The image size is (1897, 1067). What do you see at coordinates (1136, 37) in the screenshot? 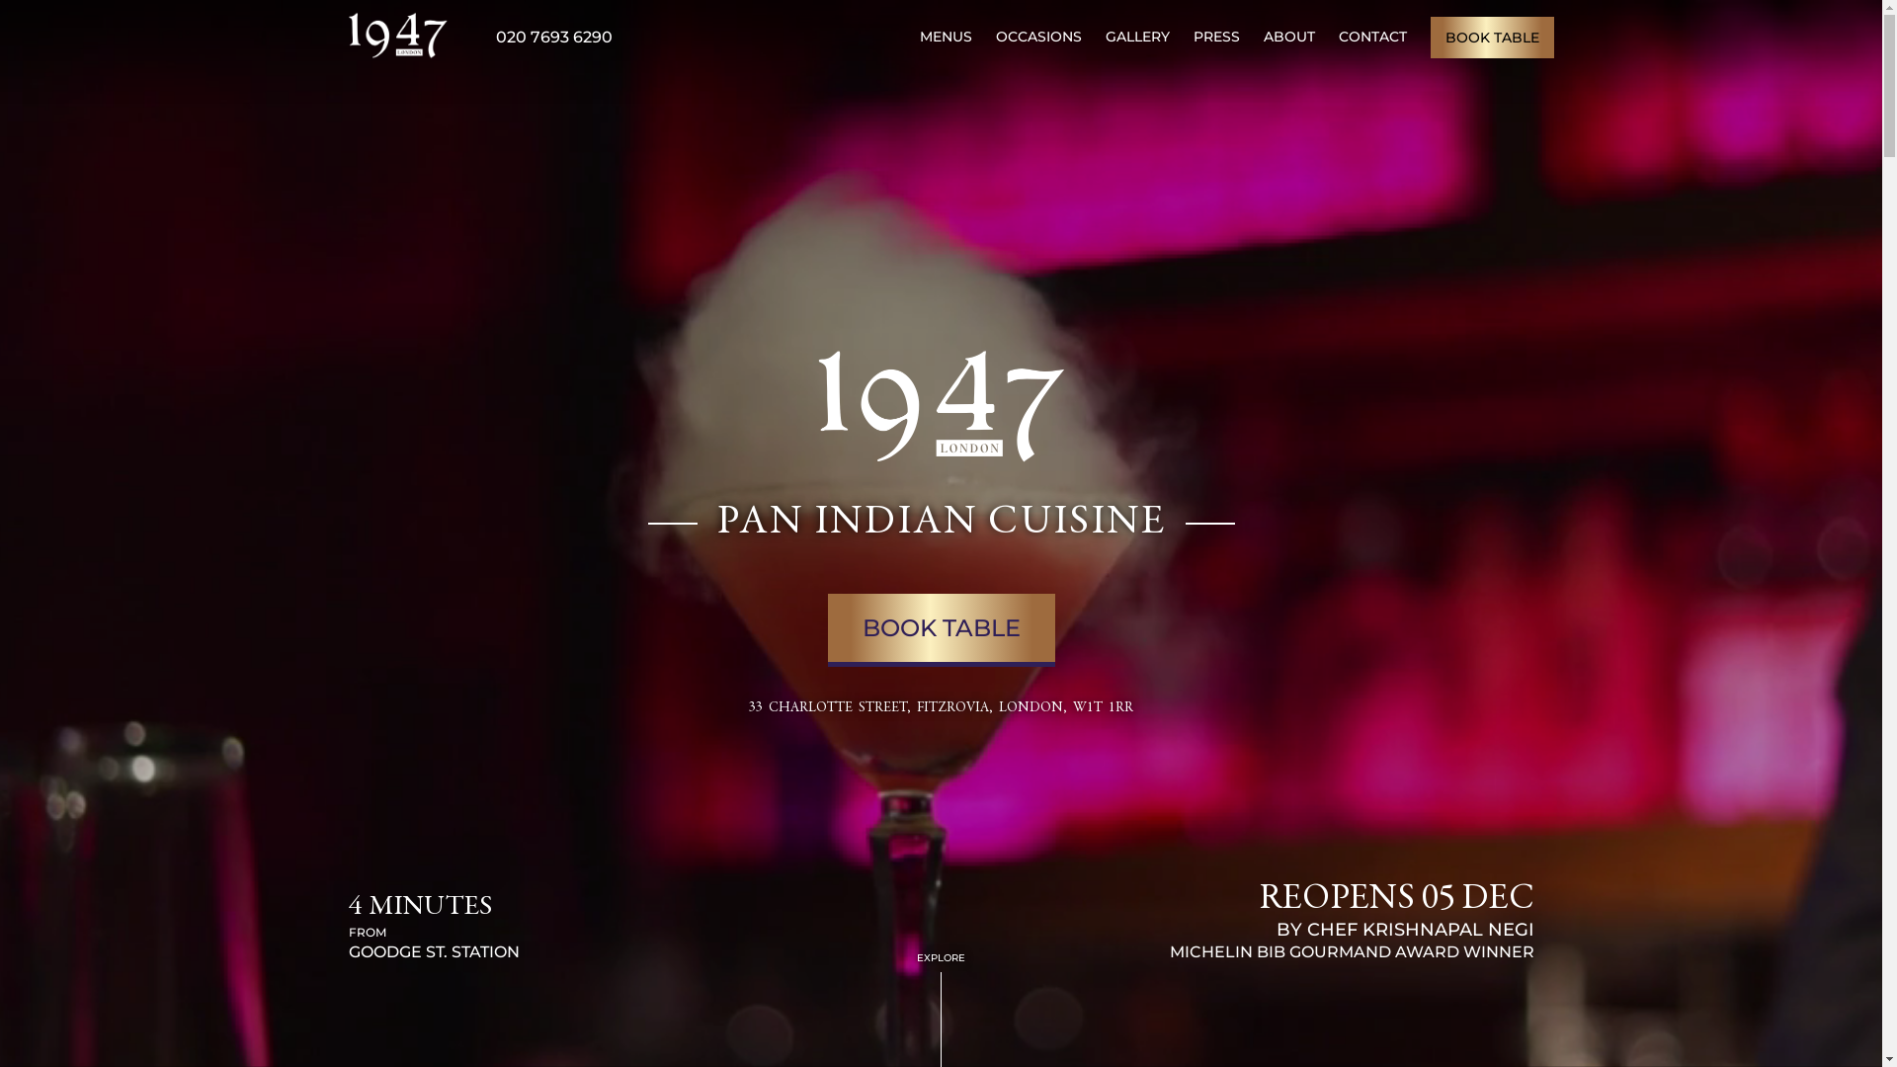
I see `'GALLERY'` at bounding box center [1136, 37].